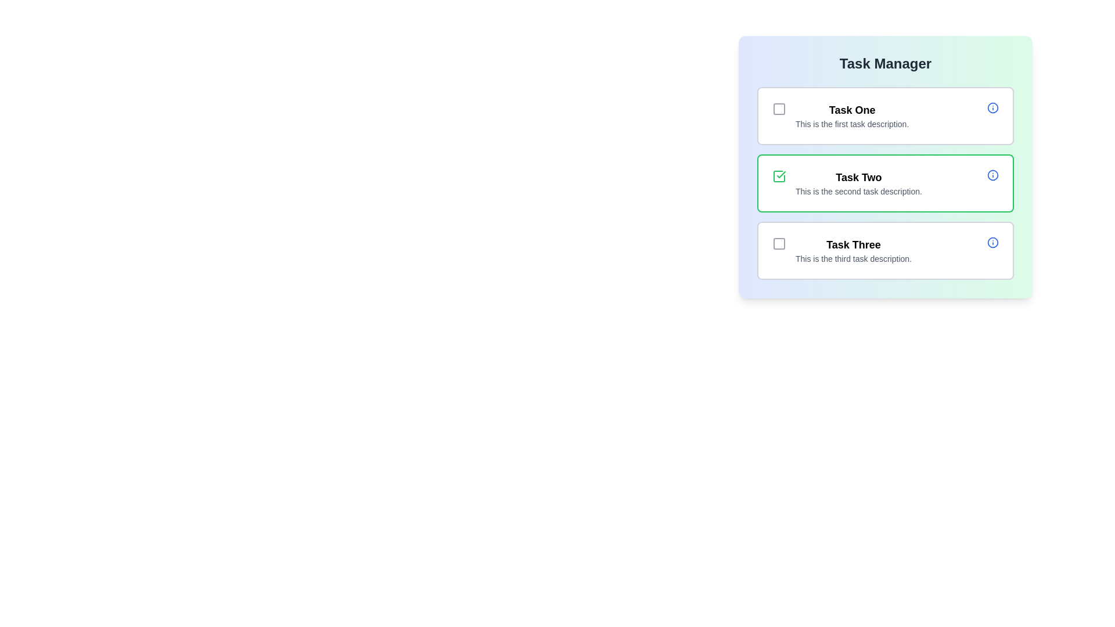 The height and width of the screenshot is (627, 1115). Describe the element at coordinates (885, 183) in the screenshot. I see `the task item labeled 'Task Two' to mark it as completed` at that location.